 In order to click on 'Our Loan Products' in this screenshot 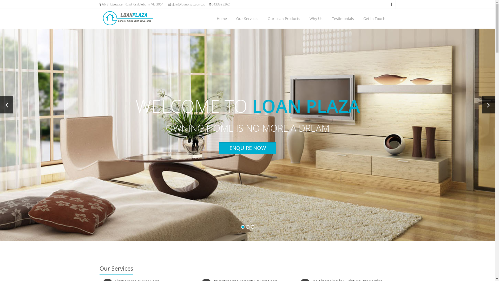, I will do `click(283, 18)`.